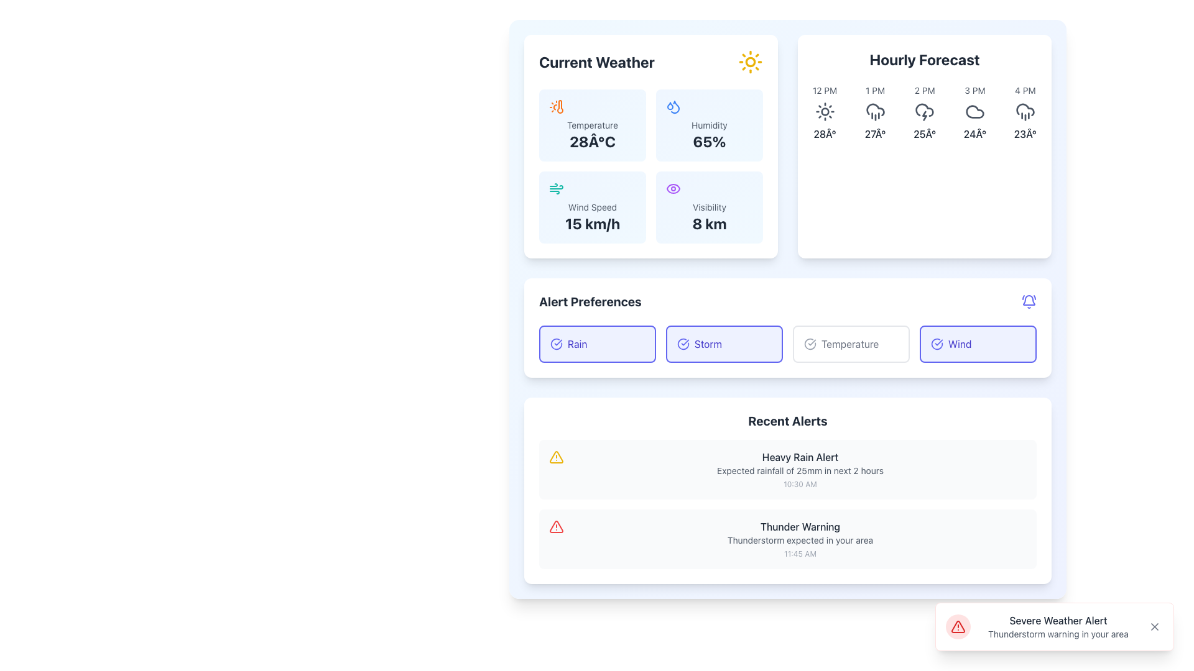 The height and width of the screenshot is (671, 1194). What do you see at coordinates (1025, 112) in the screenshot?
I see `the cloud rain icon located in the 'Hourly Forecast' section, which is the second element in the vertical stack, positioned centrally with a time label '4 PM' above and a temperature reading '23°' below` at bounding box center [1025, 112].